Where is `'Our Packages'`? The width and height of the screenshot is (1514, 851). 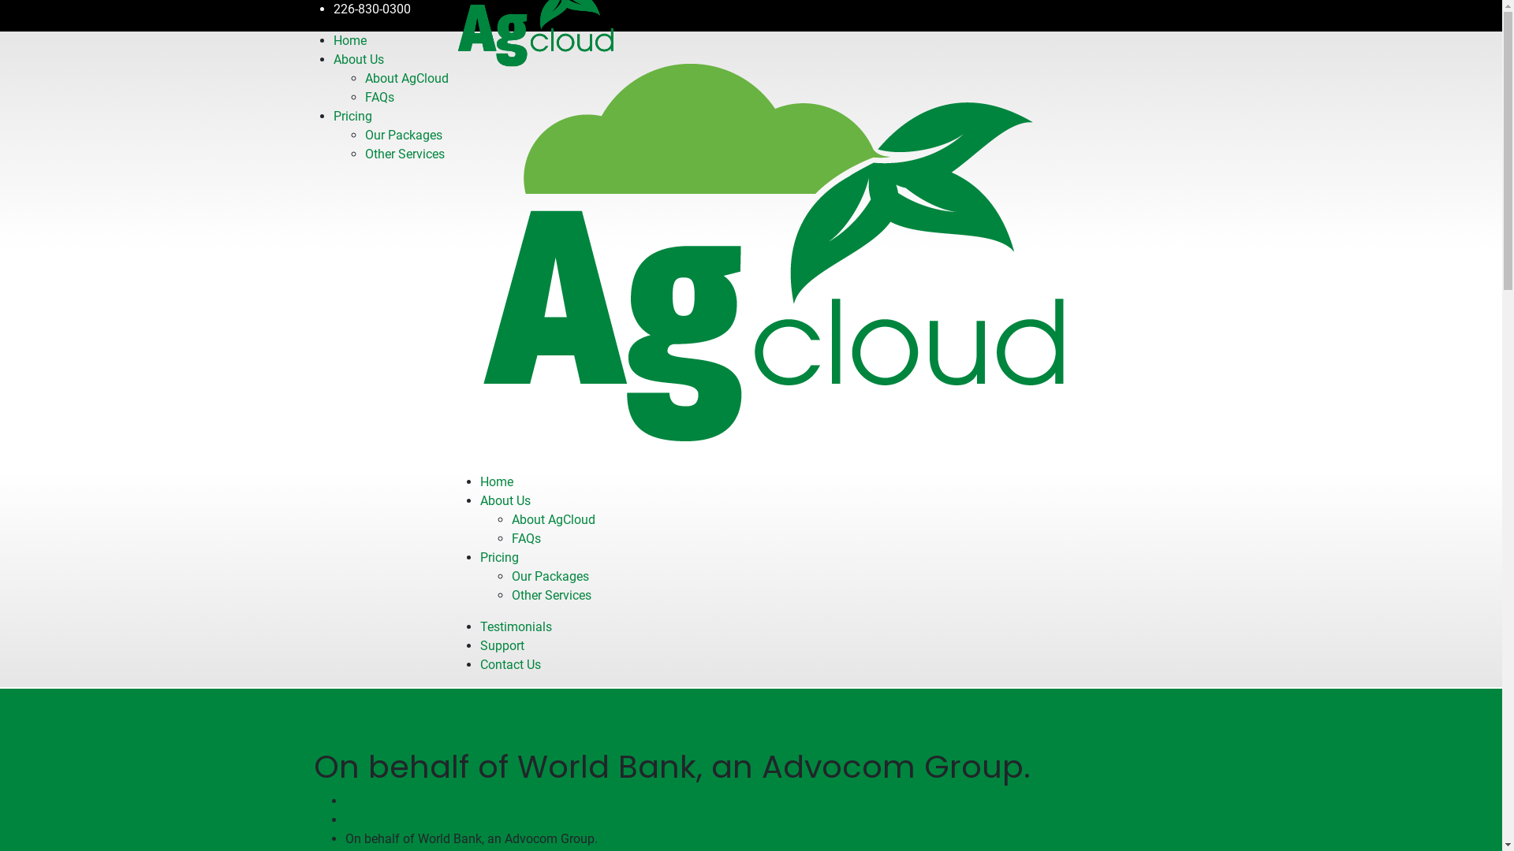 'Our Packages' is located at coordinates (402, 134).